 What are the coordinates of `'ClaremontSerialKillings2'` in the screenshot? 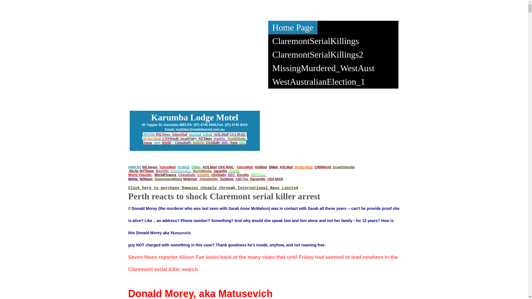 It's located at (318, 55).